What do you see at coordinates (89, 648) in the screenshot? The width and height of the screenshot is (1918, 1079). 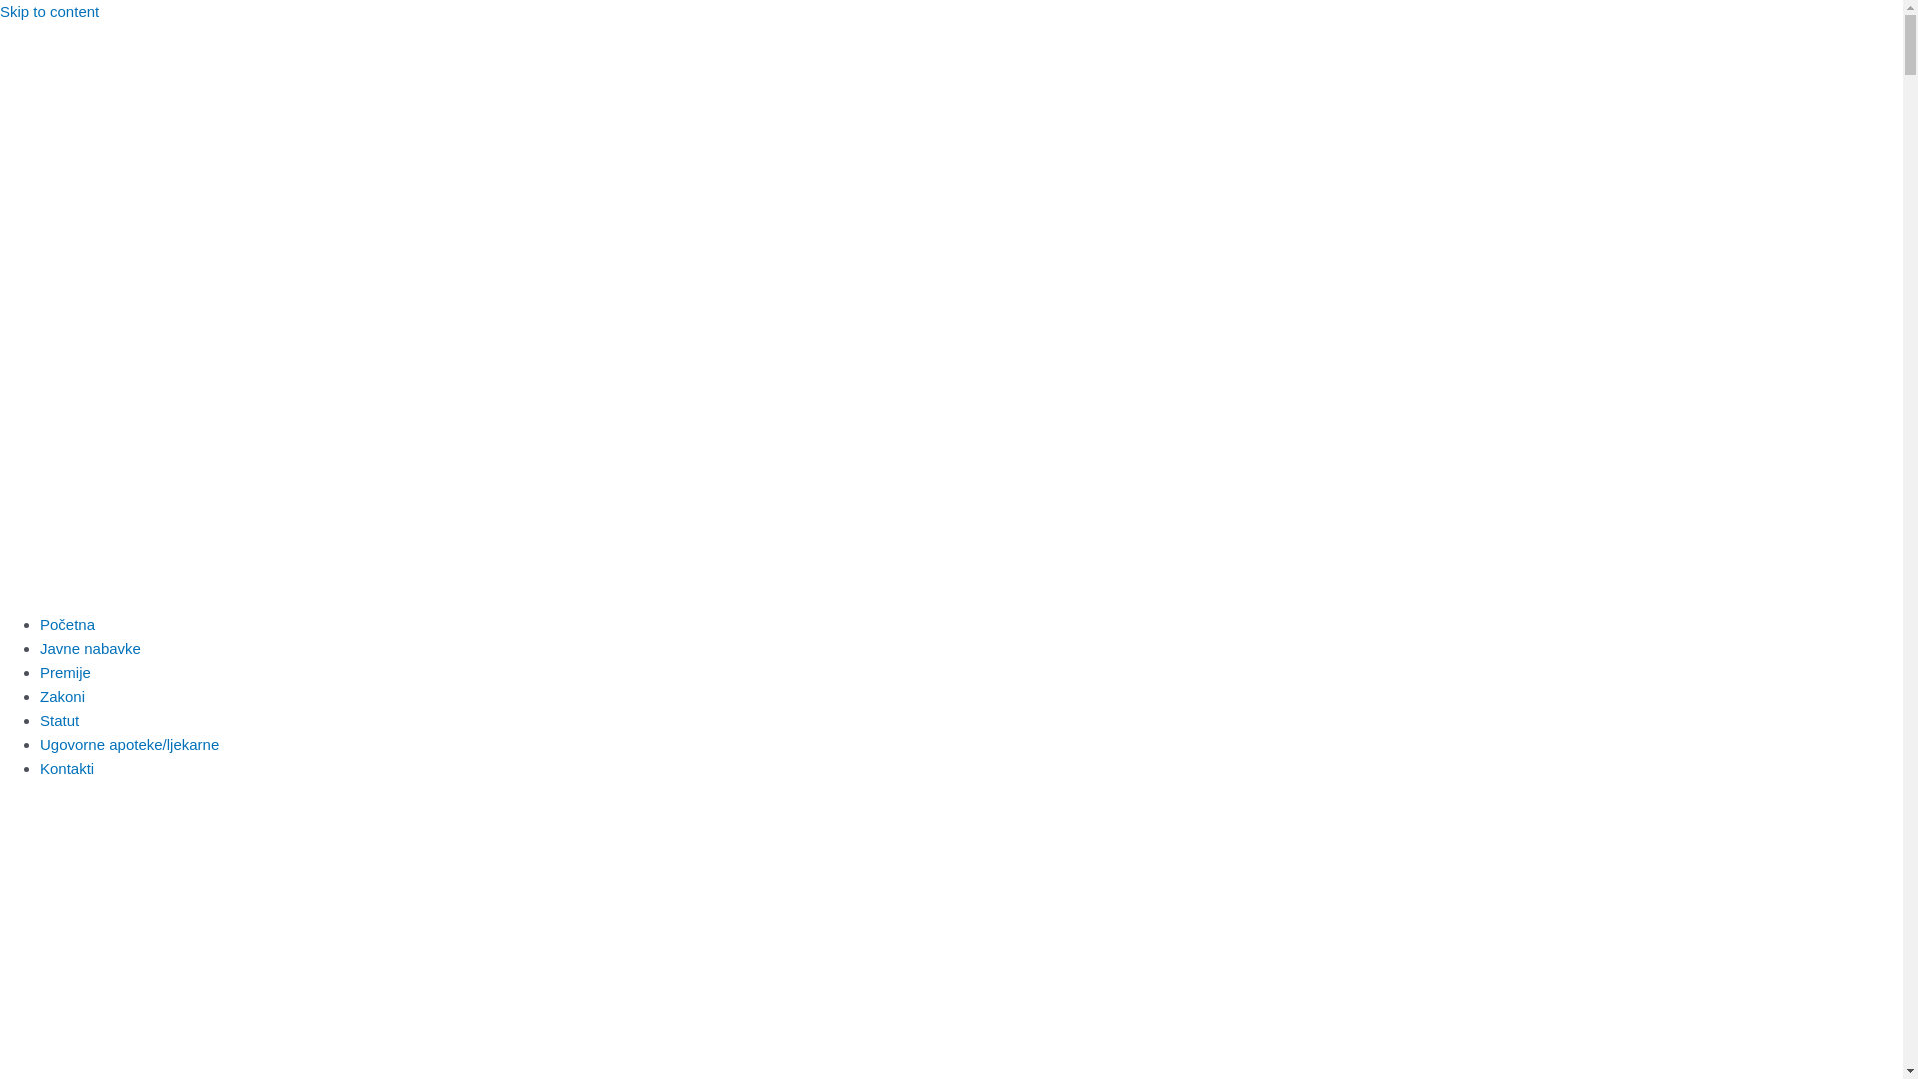 I see `'Javne nabavke'` at bounding box center [89, 648].